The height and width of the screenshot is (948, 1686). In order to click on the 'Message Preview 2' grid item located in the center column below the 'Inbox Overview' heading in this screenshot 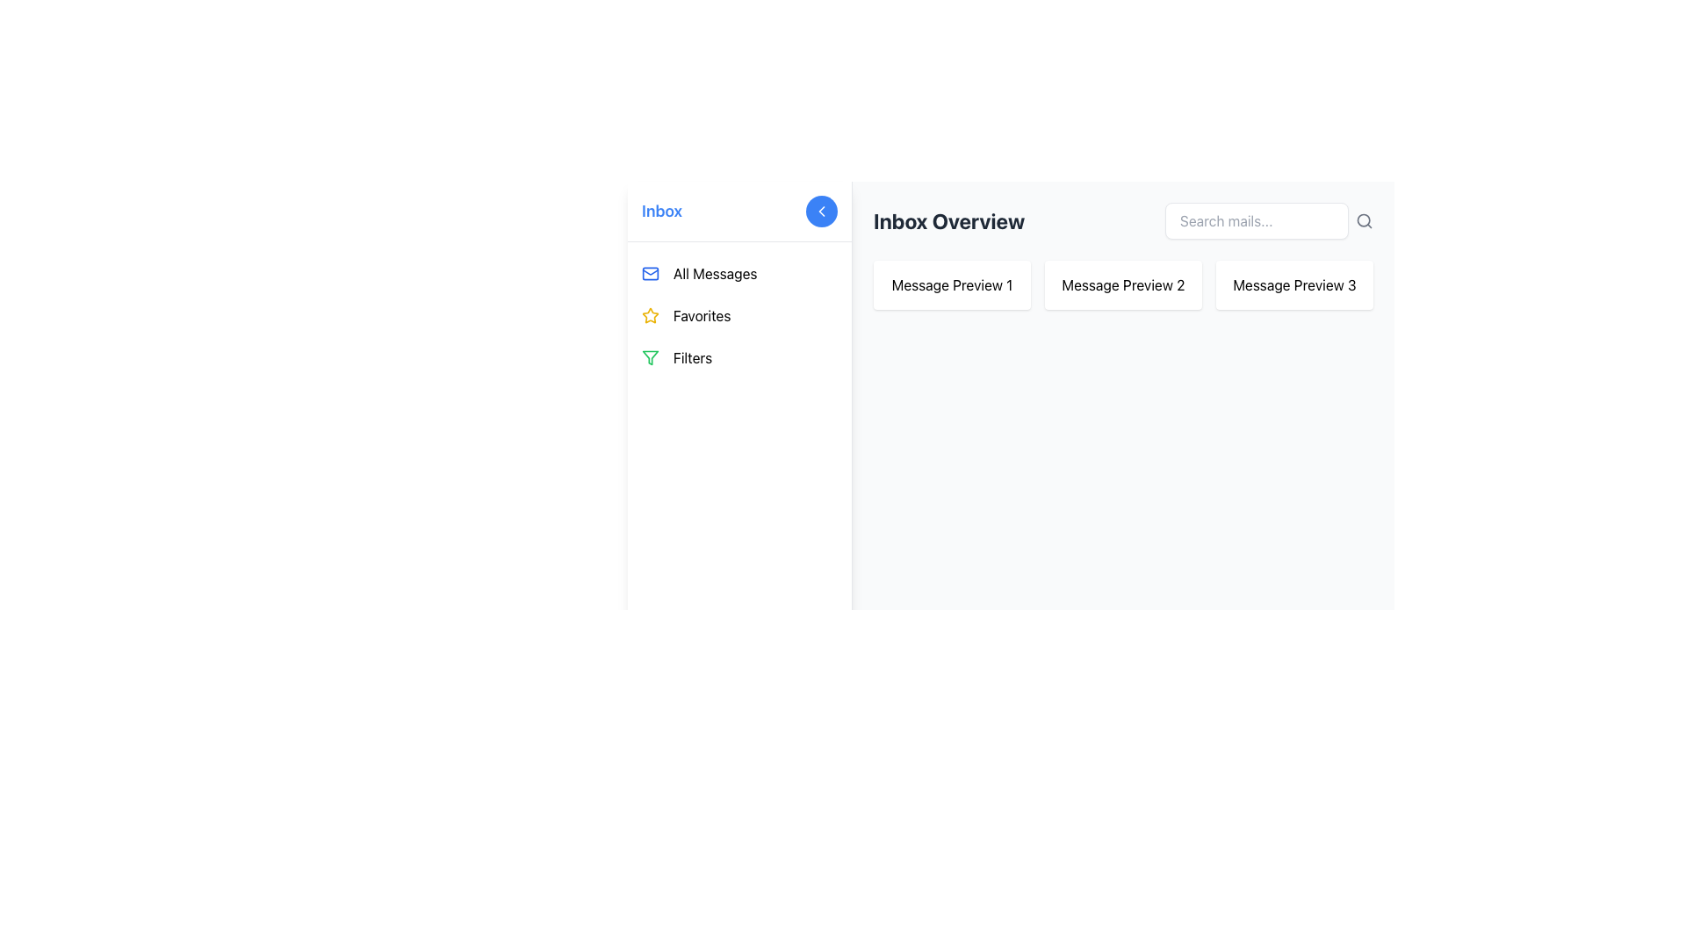, I will do `click(1122, 284)`.